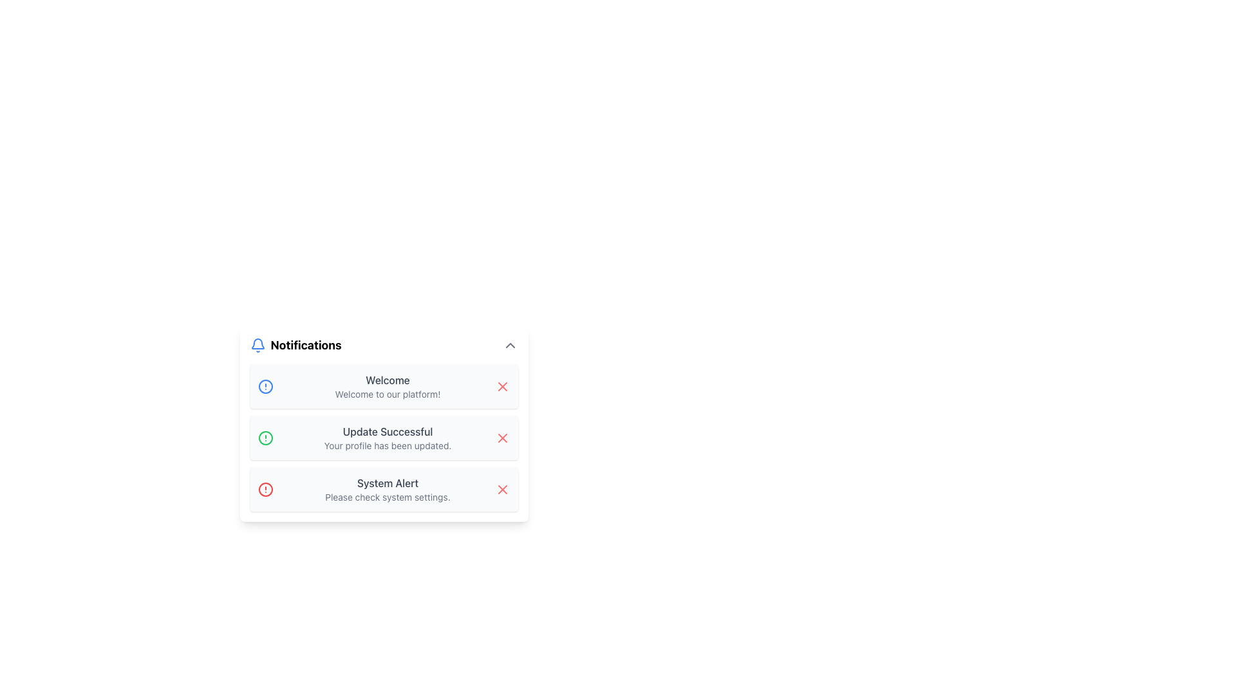 This screenshot has width=1236, height=695. I want to click on the notifications icon located at the start of the 'Notifications' label in the header section of the notifications panel, so click(257, 344).